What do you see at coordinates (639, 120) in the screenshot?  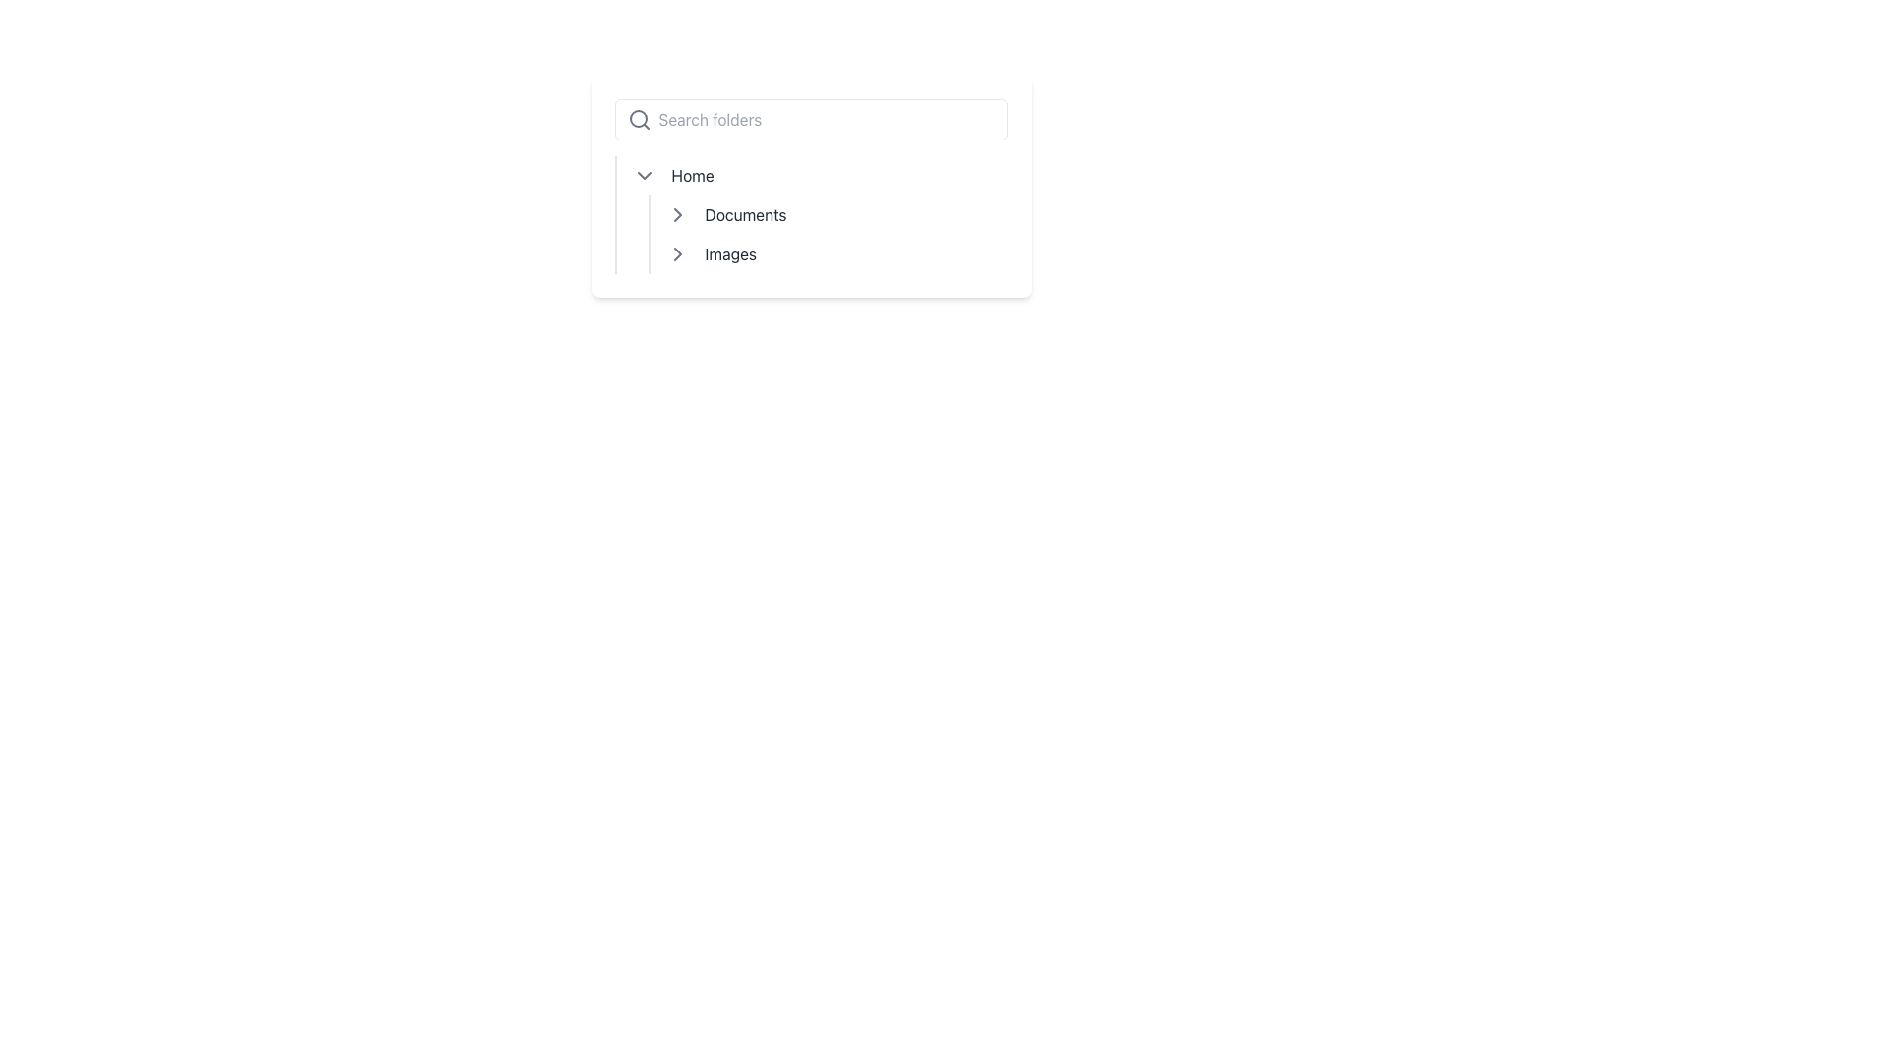 I see `the search icon, represented as a gray magnifying glass, located on the left side of the search bar` at bounding box center [639, 120].